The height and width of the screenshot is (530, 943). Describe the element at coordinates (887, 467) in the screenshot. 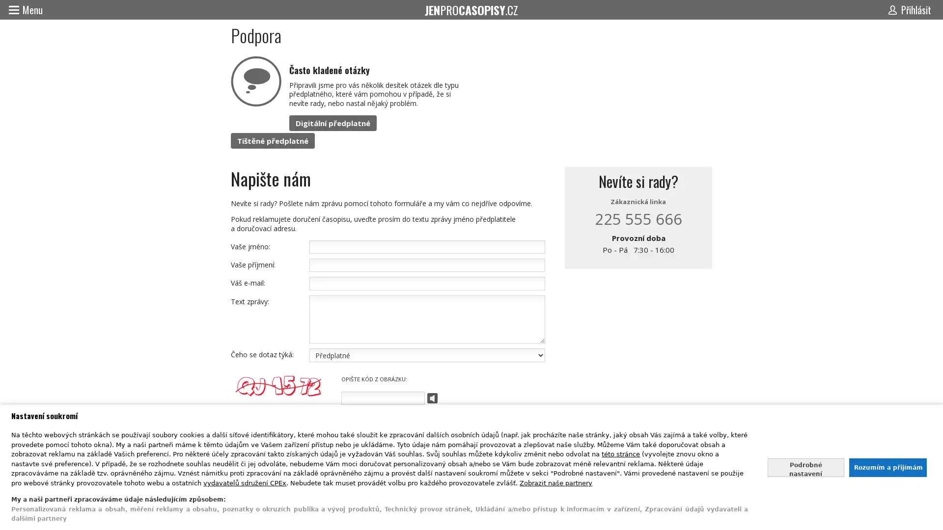

I see `Souhlasit s nasim zpracovanim udaju a zavrit` at that location.